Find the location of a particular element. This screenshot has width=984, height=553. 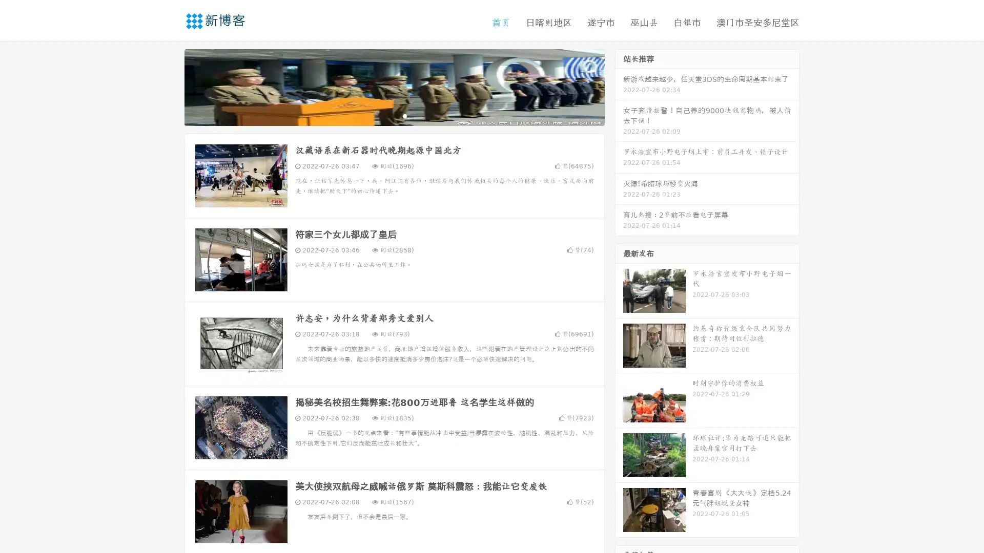

Previous slide is located at coordinates (169, 86).